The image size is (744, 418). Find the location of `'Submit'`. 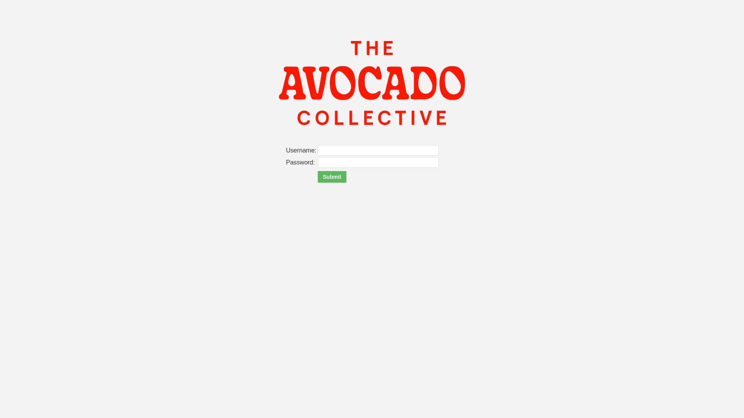

'Submit' is located at coordinates (332, 176).